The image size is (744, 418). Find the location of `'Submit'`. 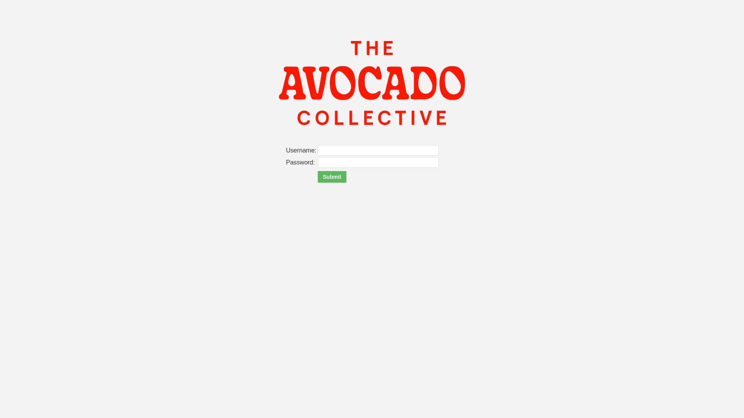

'Submit' is located at coordinates (332, 176).